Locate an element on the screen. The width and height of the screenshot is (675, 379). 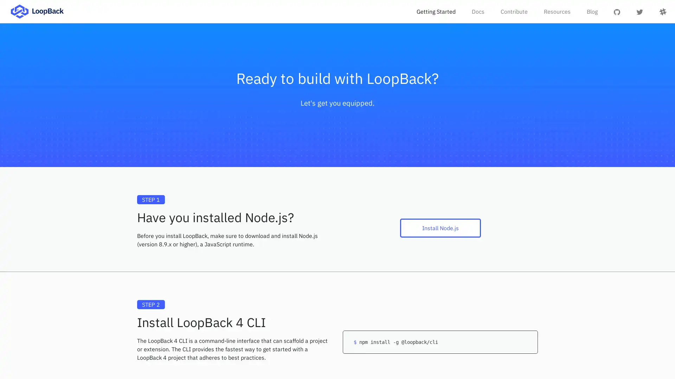
Install Node.js is located at coordinates (440, 228).